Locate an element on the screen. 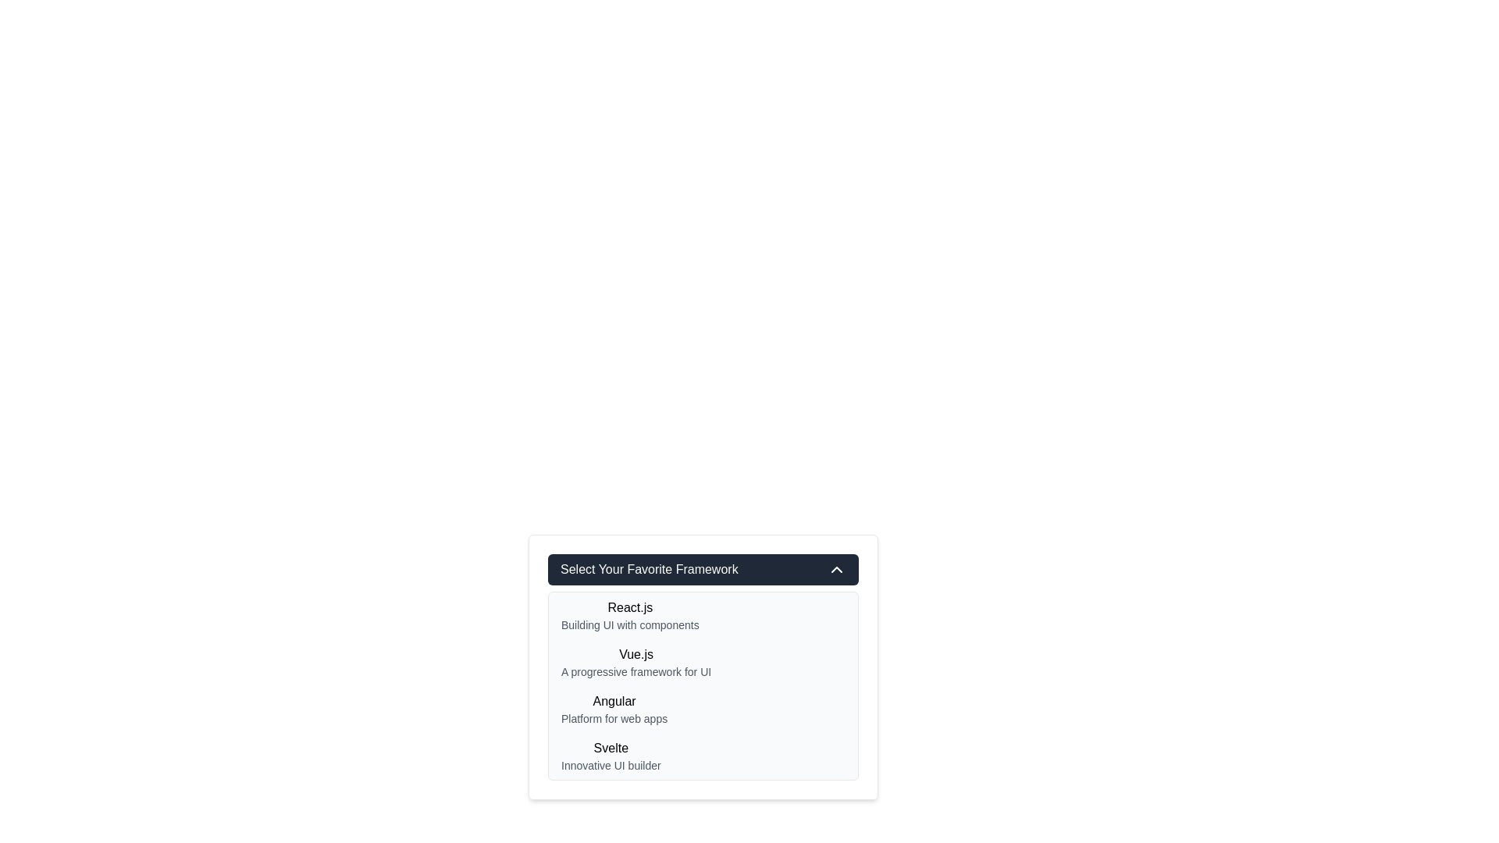 This screenshot has height=843, width=1499. the text label displaying 'A progressive framework for UI' which is located beneath the 'Vue.js' heading within the 'Select Your Favorite Framework' dropdown is located at coordinates (636, 670).